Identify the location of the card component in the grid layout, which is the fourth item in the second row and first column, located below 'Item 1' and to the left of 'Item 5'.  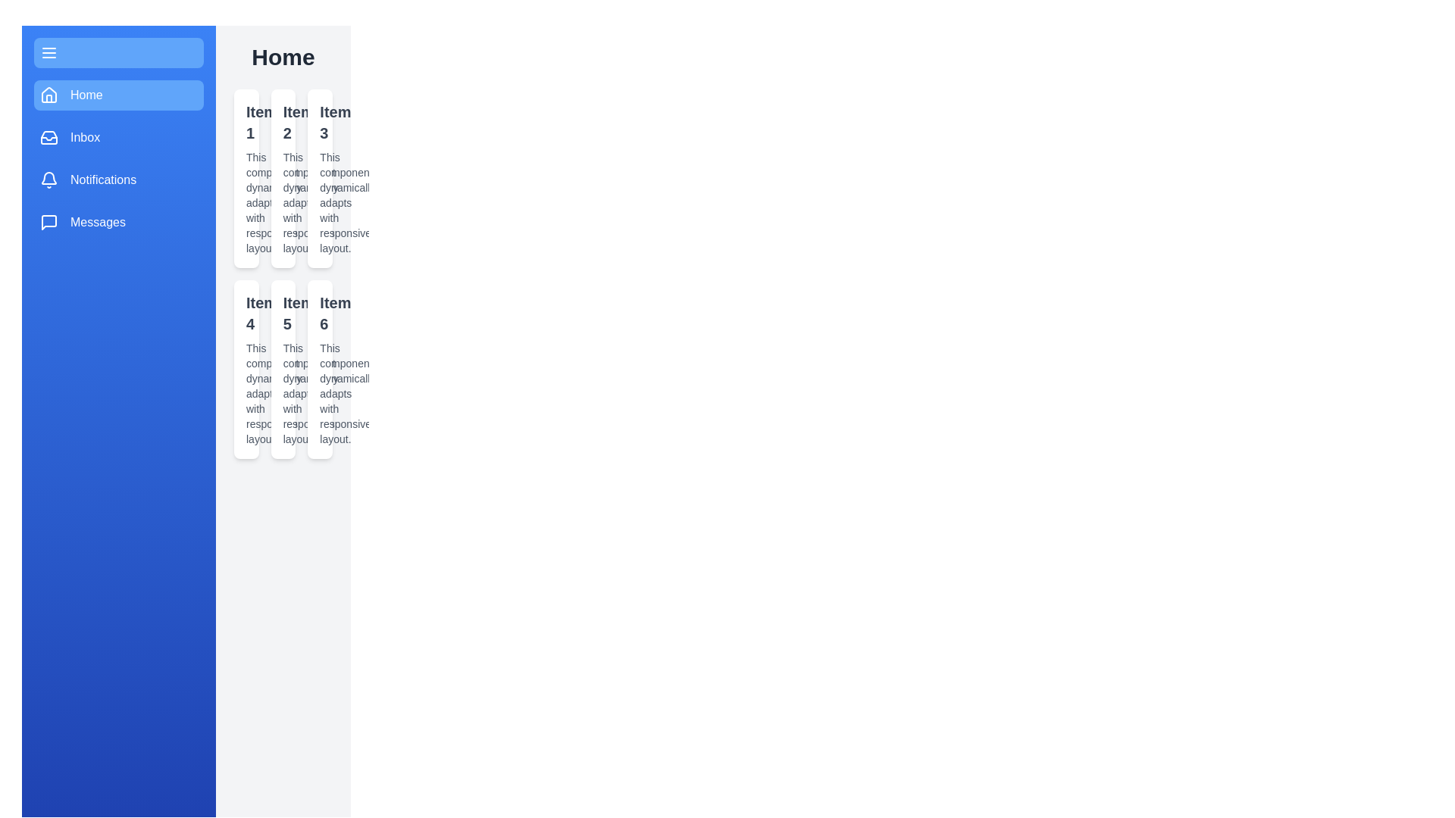
(246, 370).